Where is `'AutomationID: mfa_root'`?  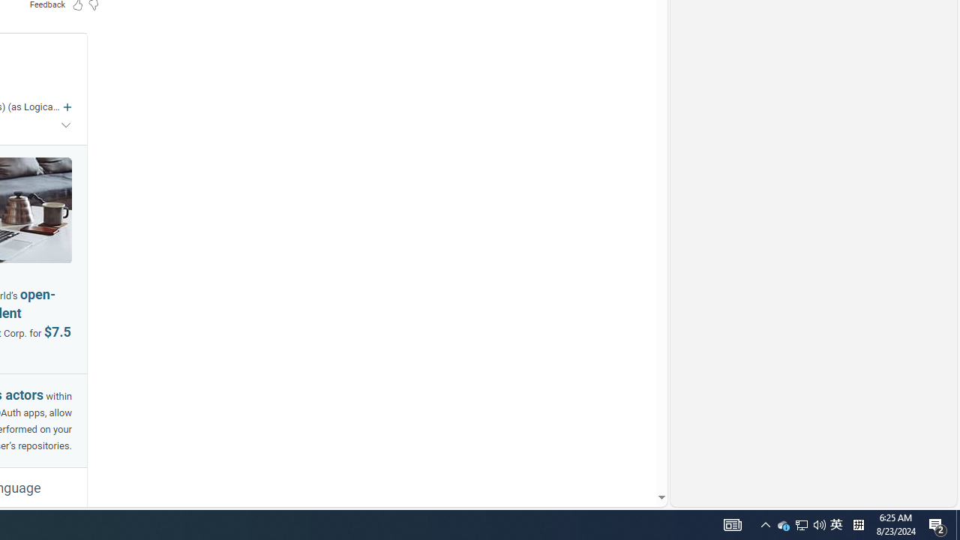 'AutomationID: mfa_root' is located at coordinates (605, 451).